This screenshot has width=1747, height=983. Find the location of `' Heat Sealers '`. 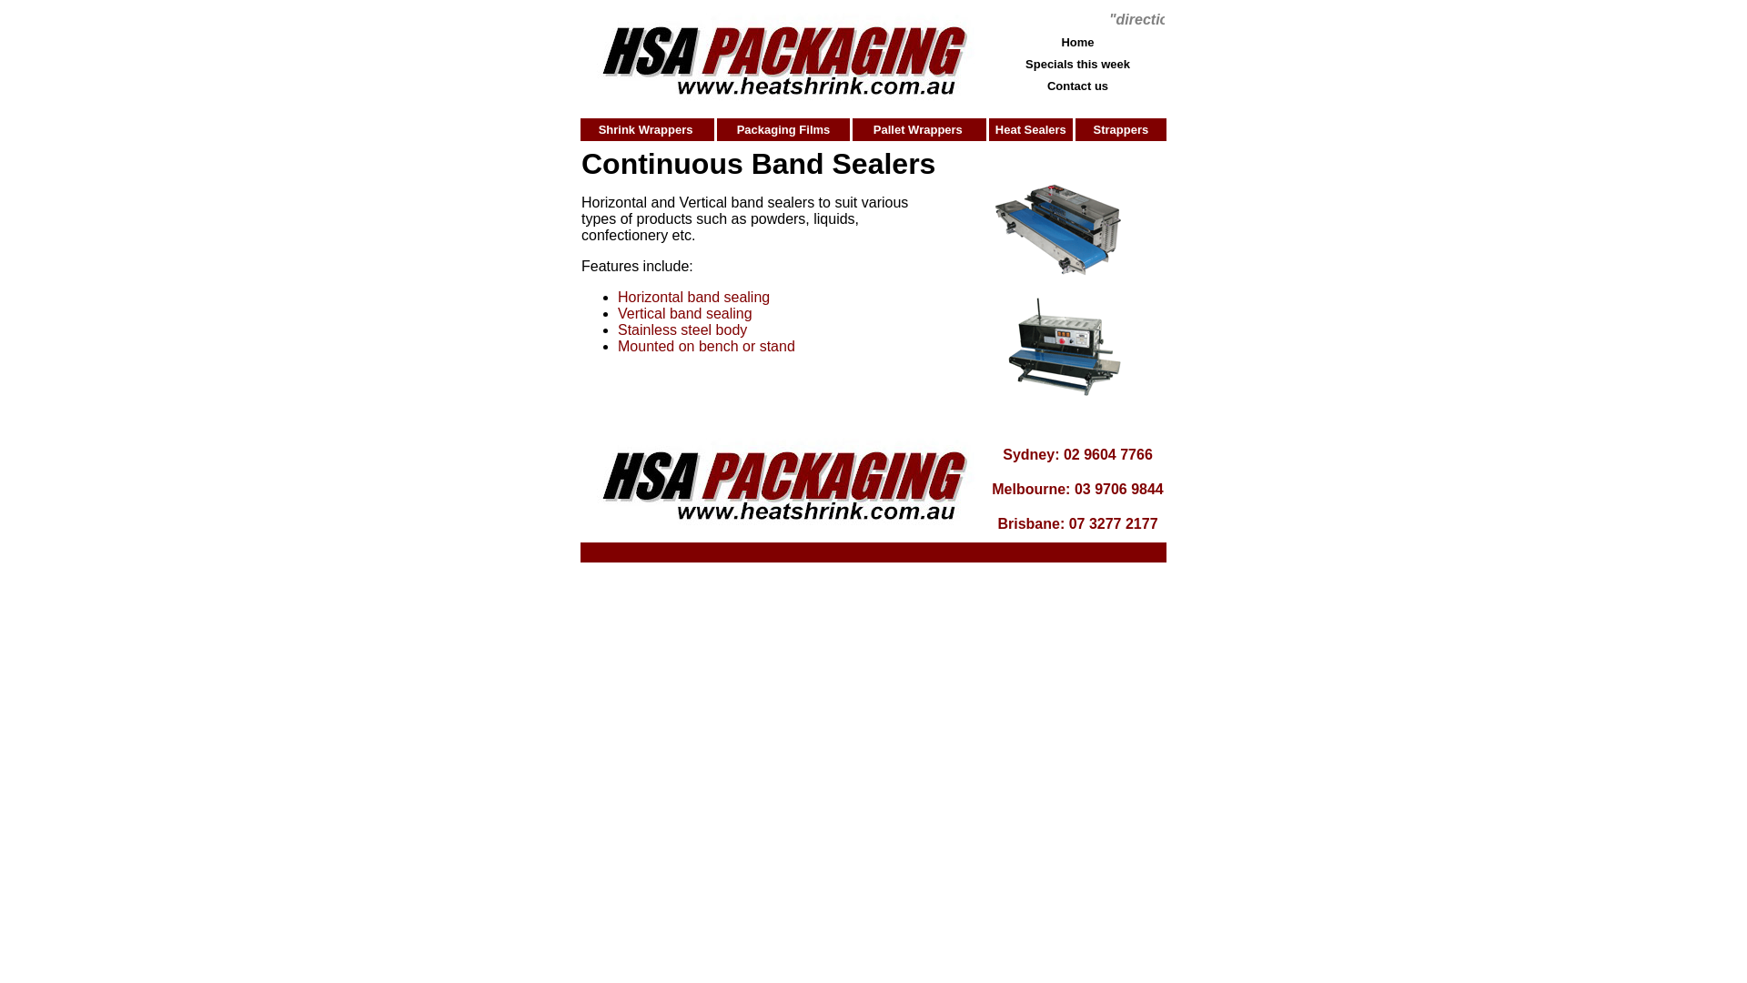

' Heat Sealers ' is located at coordinates (1030, 128).